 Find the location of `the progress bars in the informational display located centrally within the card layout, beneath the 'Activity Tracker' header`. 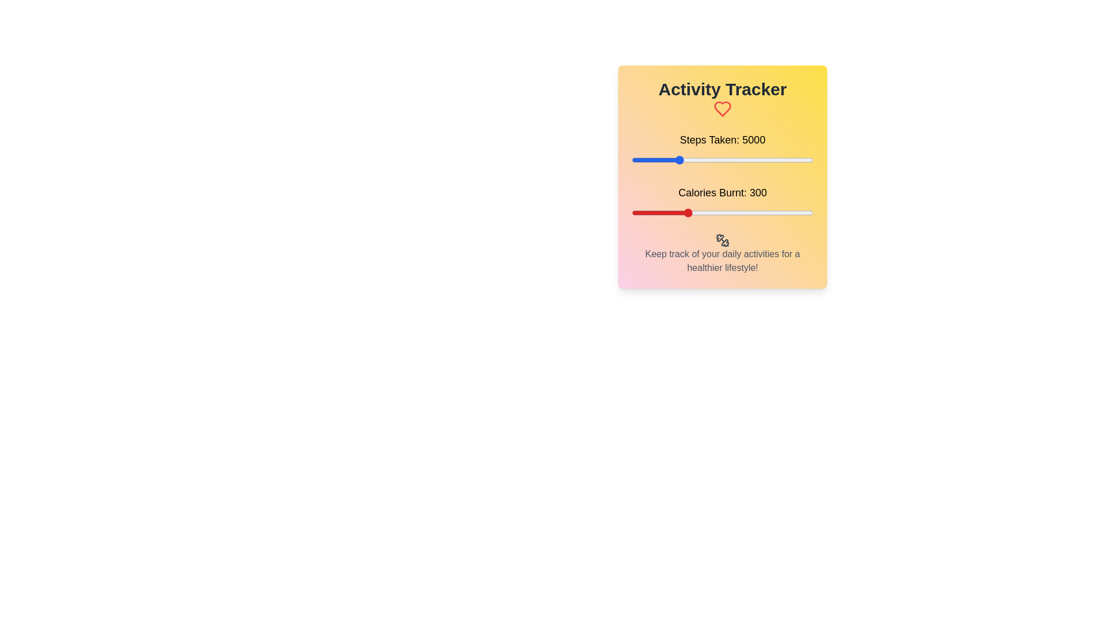

the progress bars in the informational display located centrally within the card layout, beneath the 'Activity Tracker' header is located at coordinates (722, 175).